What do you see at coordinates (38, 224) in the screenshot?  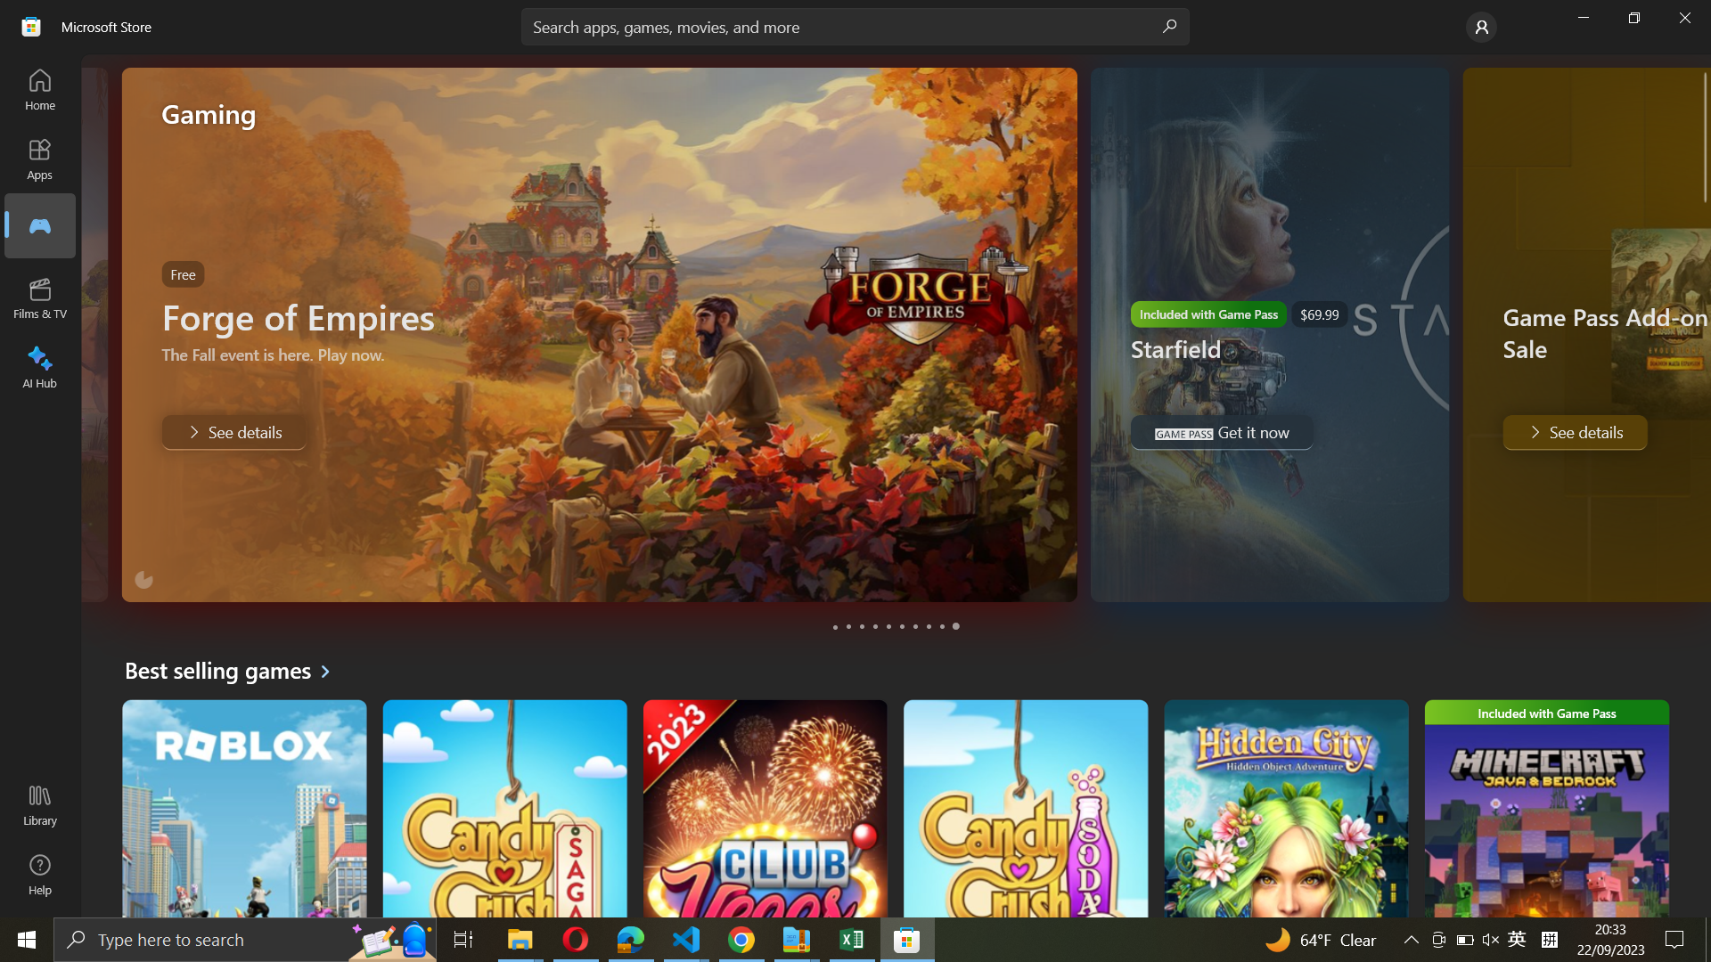 I see `the Films & TV category` at bounding box center [38, 224].